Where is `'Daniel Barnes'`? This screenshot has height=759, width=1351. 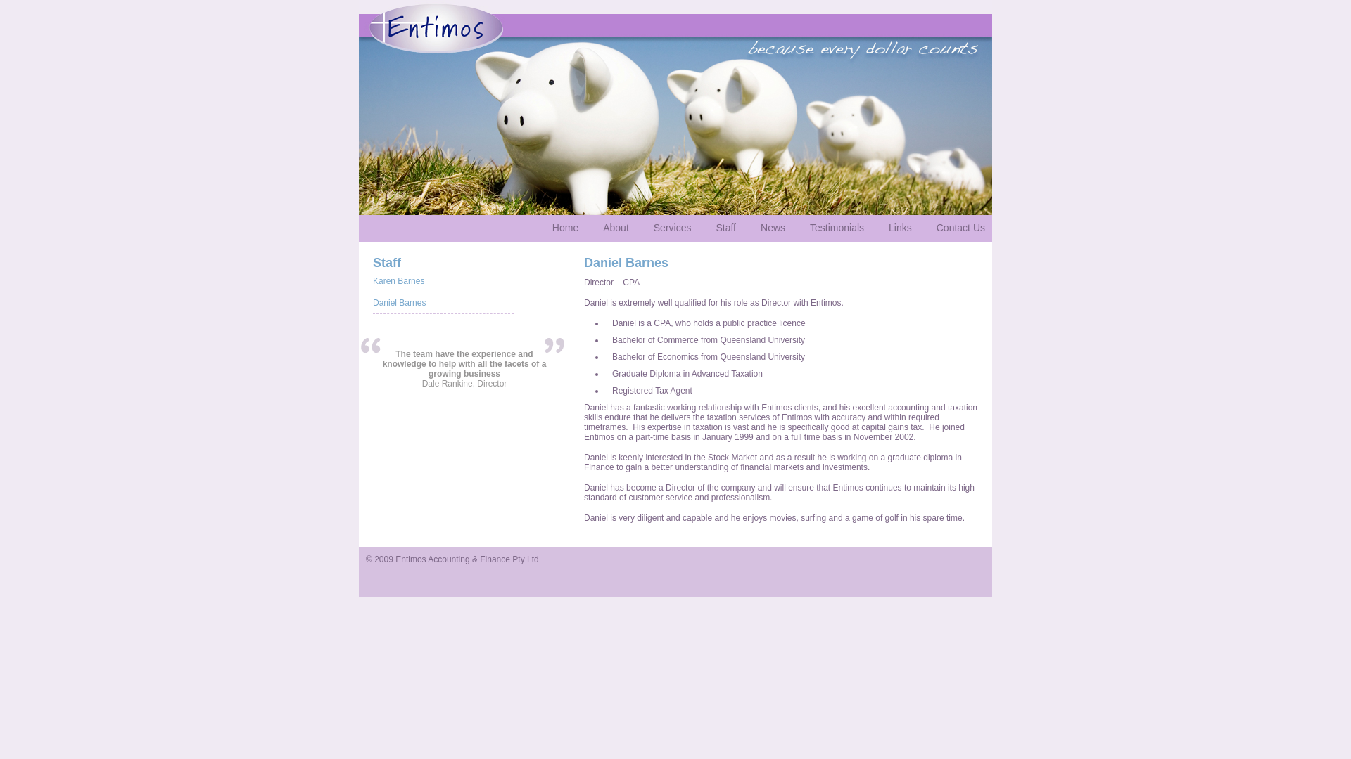 'Daniel Barnes' is located at coordinates (398, 302).